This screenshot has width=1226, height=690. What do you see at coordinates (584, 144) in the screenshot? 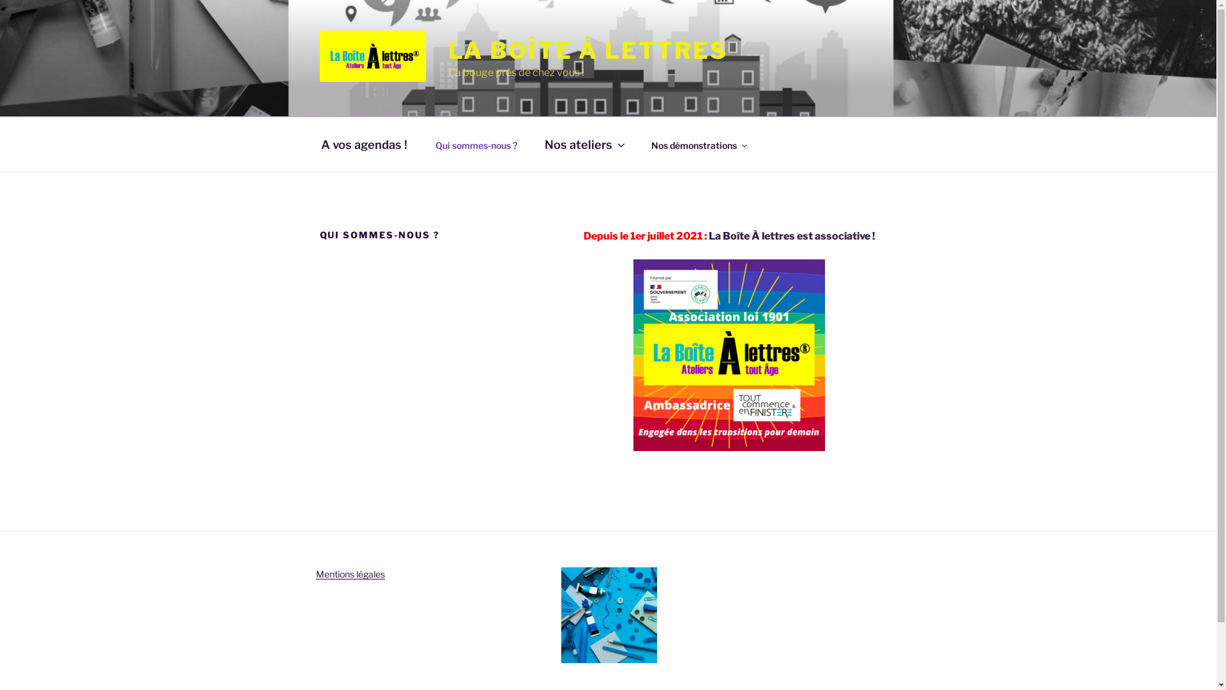
I see `'Nos ateliers'` at bounding box center [584, 144].